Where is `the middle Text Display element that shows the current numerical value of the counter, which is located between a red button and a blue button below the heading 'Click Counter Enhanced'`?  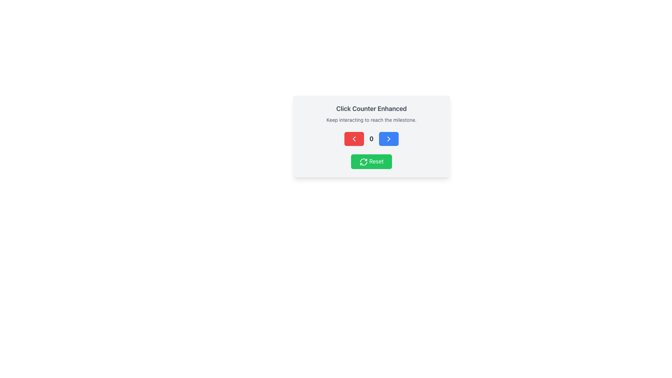
the middle Text Display element that shows the current numerical value of the counter, which is located between a red button and a blue button below the heading 'Click Counter Enhanced' is located at coordinates (371, 139).